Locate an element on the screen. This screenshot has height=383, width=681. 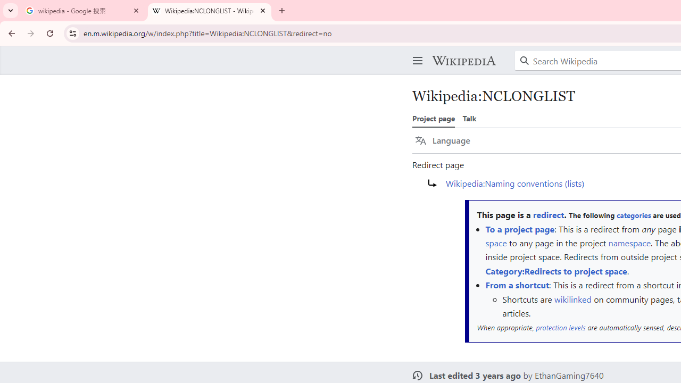
'From a shortcut' is located at coordinates (517, 285).